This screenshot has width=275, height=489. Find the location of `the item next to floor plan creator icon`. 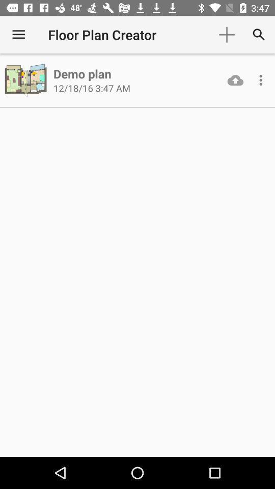

the item next to floor plan creator icon is located at coordinates (18, 35).